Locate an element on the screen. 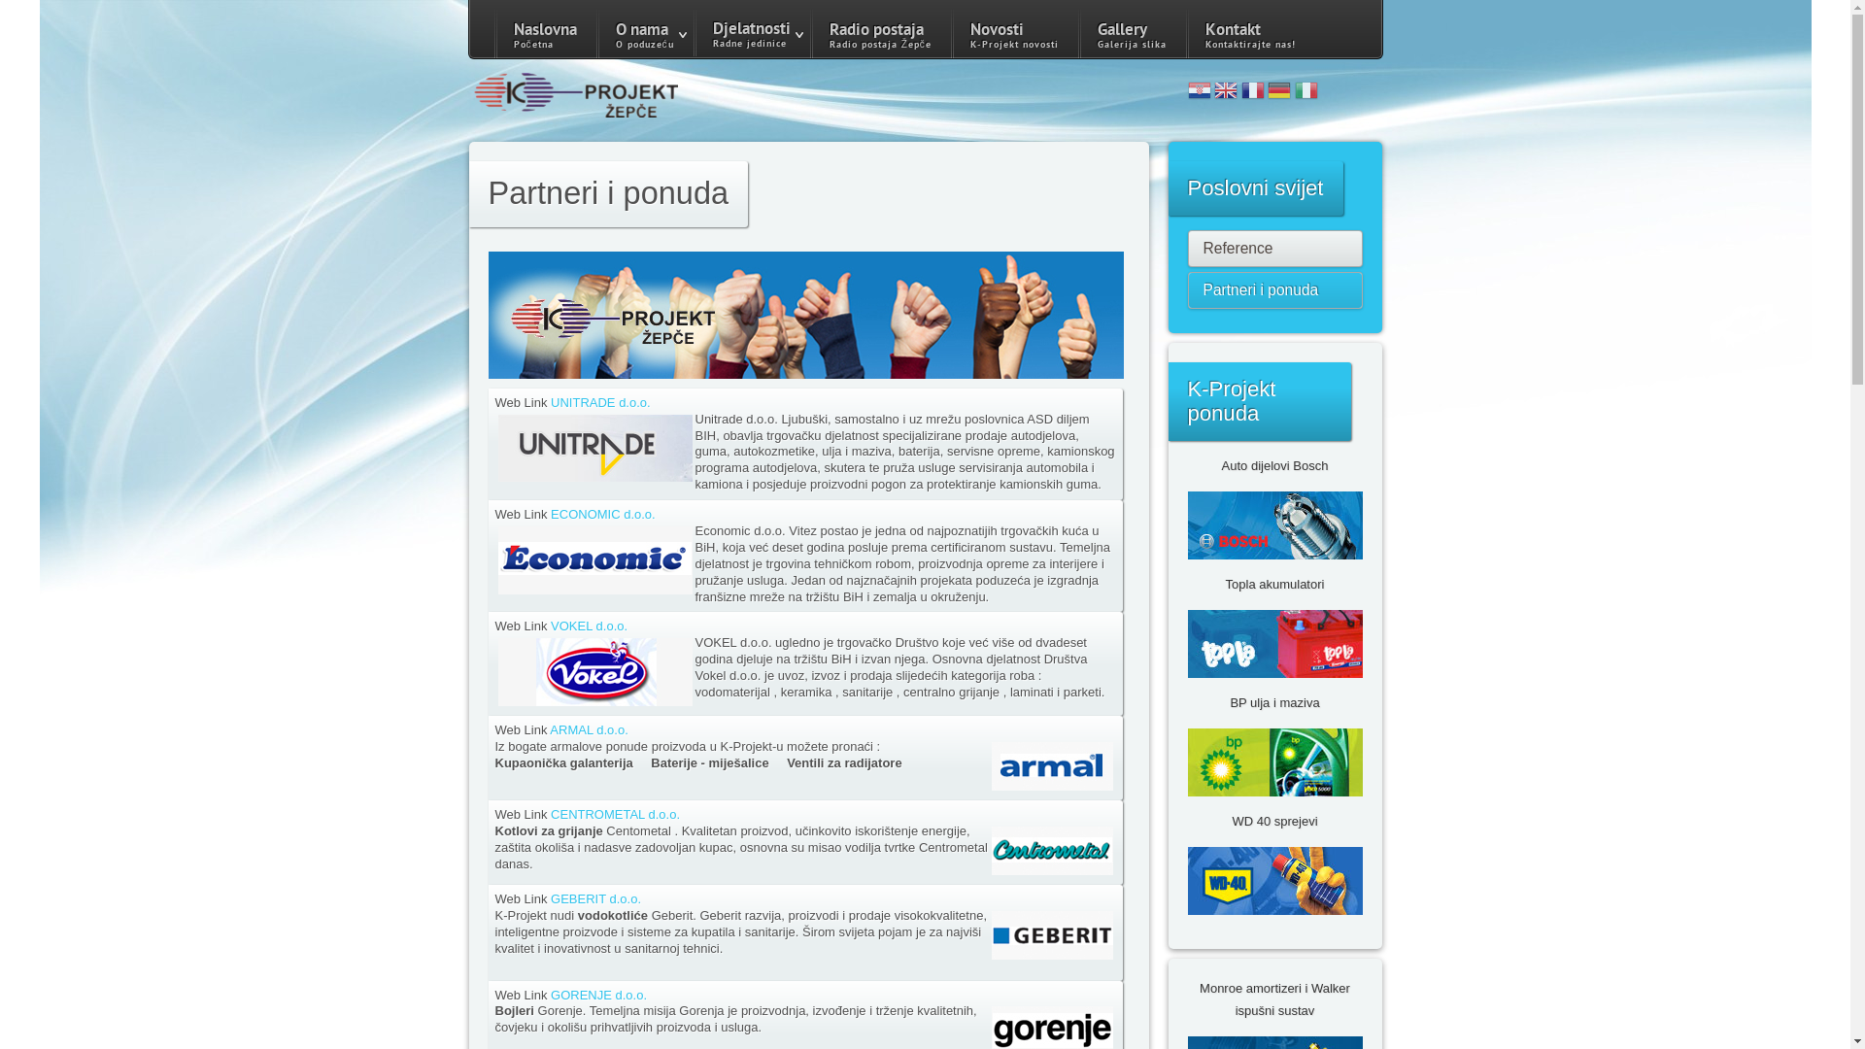 This screenshot has width=1865, height=1049. 'Gallery is located at coordinates (1132, 33).